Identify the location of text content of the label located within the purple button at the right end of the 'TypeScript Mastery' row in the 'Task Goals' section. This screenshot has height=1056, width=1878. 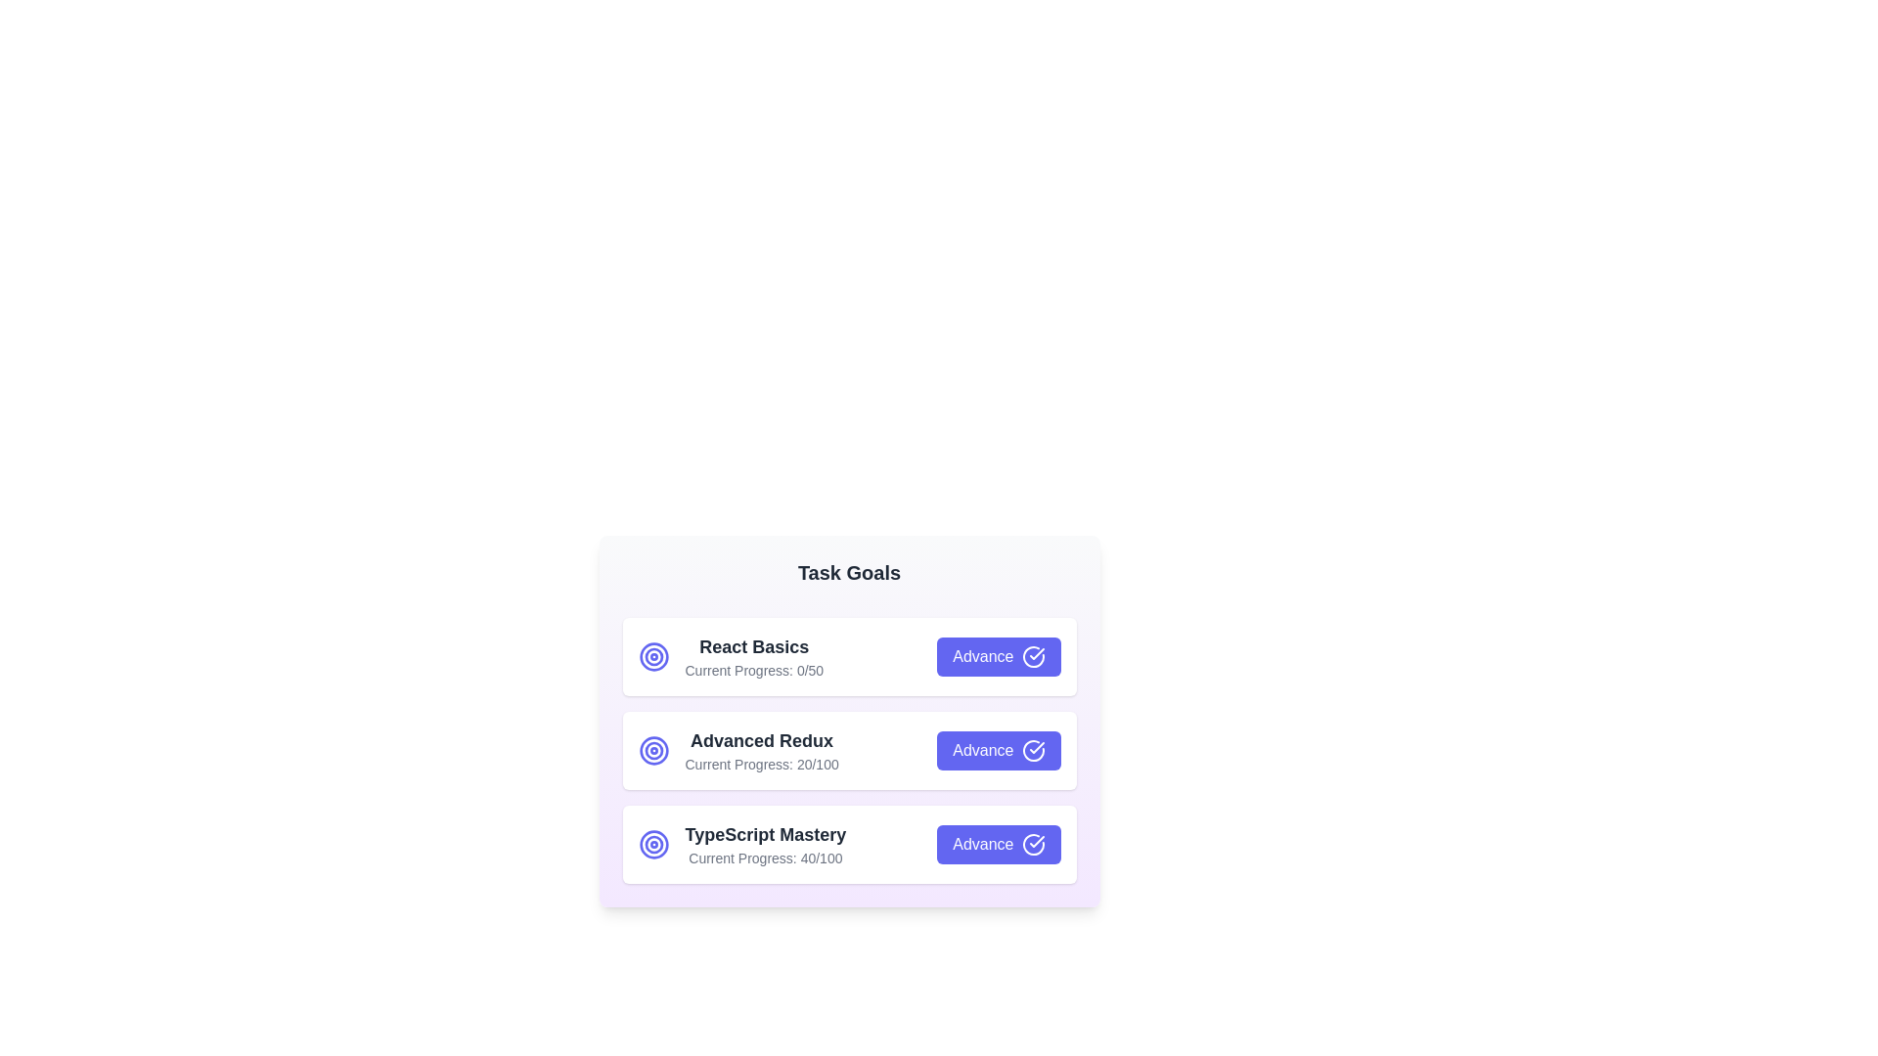
(983, 844).